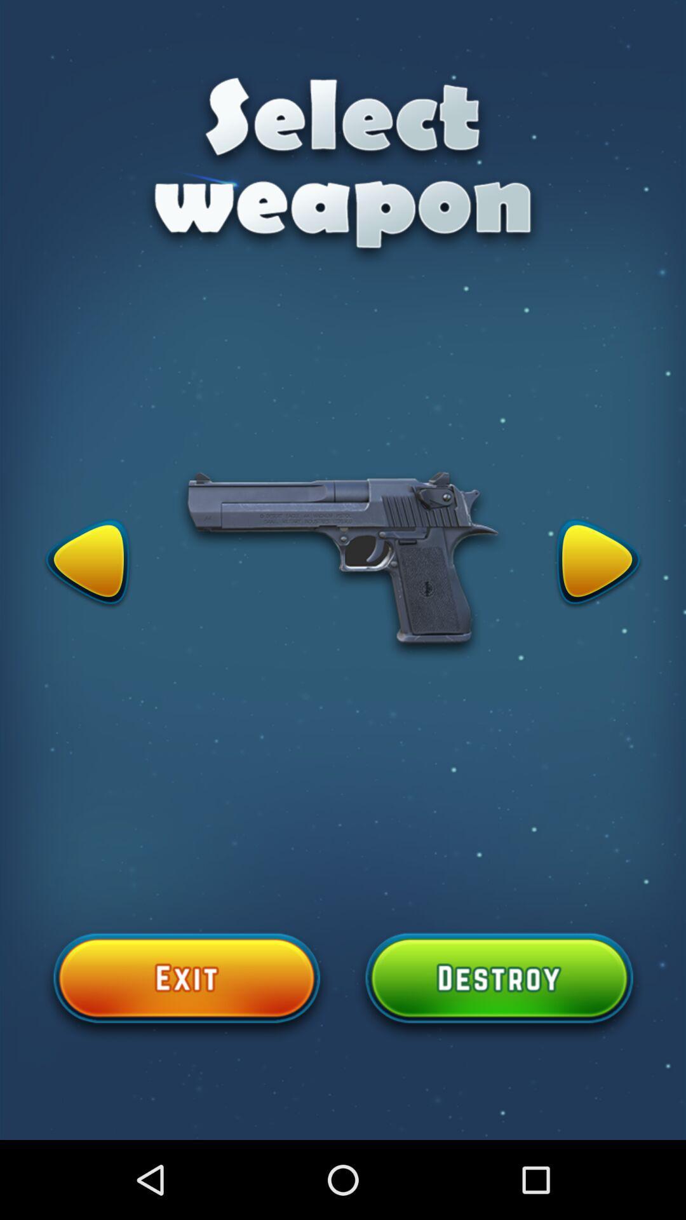 Image resolution: width=686 pixels, height=1220 pixels. What do you see at coordinates (186, 985) in the screenshot?
I see `exit screen` at bounding box center [186, 985].